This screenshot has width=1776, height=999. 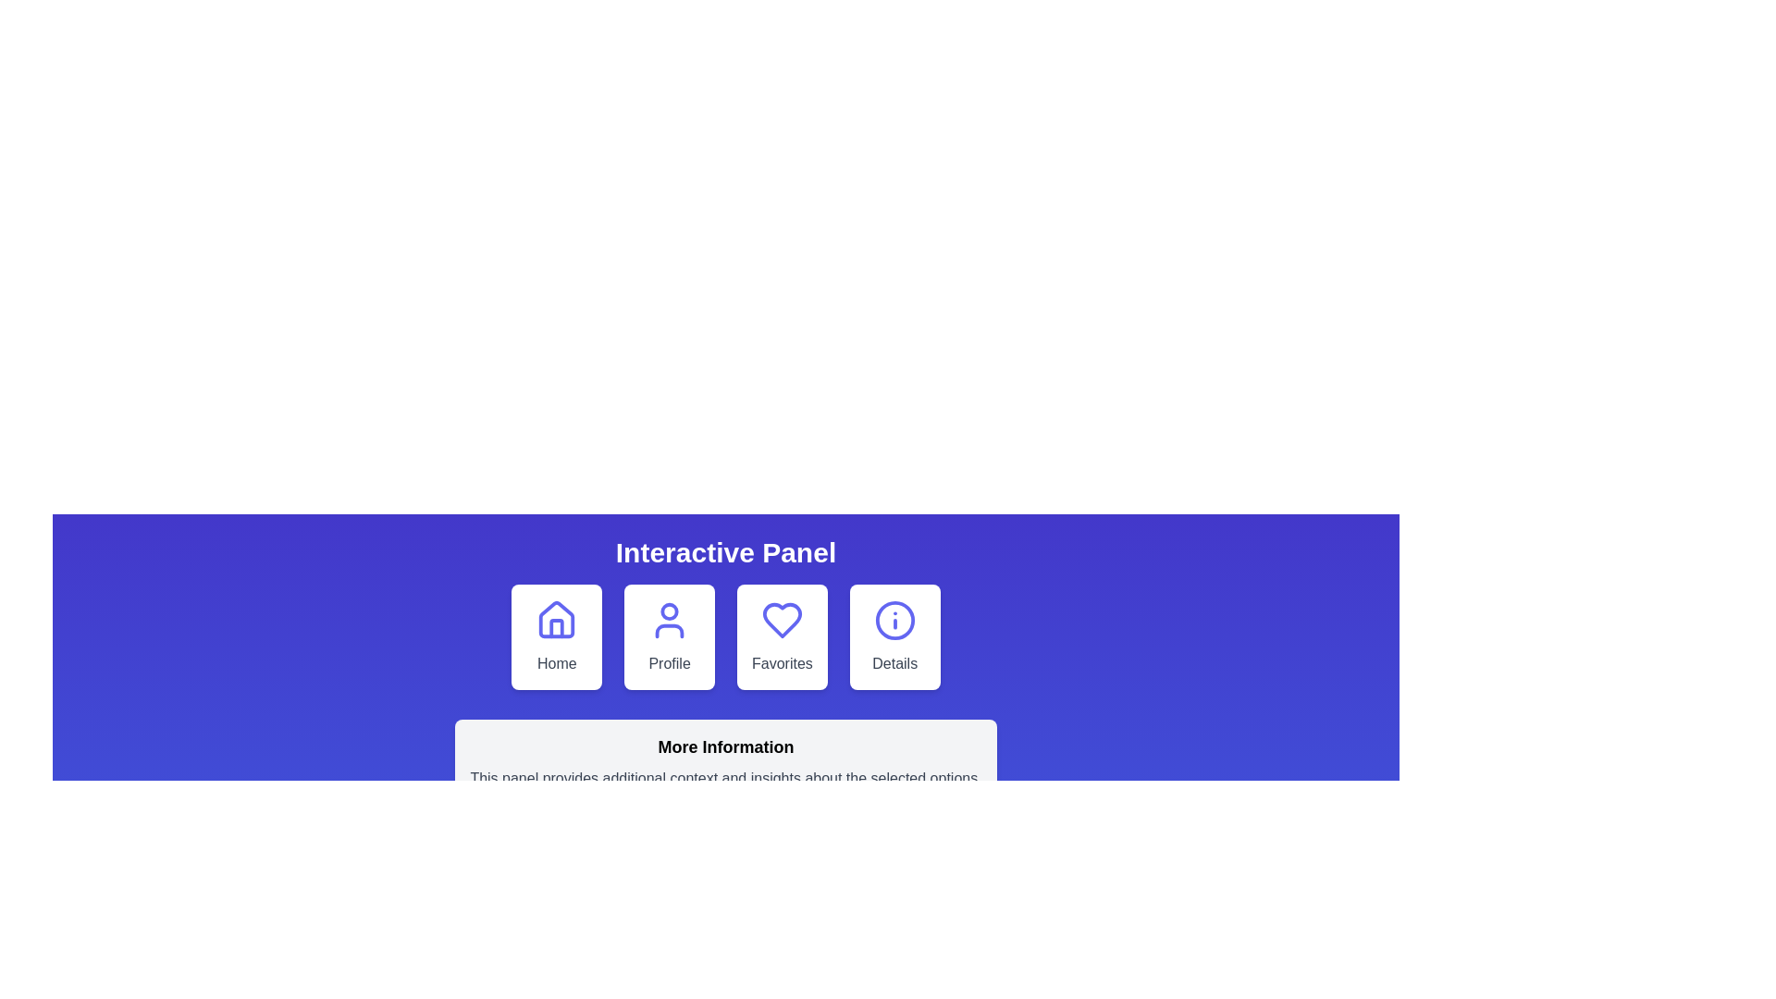 I want to click on the graphical icon component (SVG circle) that is part of the 'Details' icon located in the bottom right-hand corner of the main navigation panel, so click(x=894, y=621).